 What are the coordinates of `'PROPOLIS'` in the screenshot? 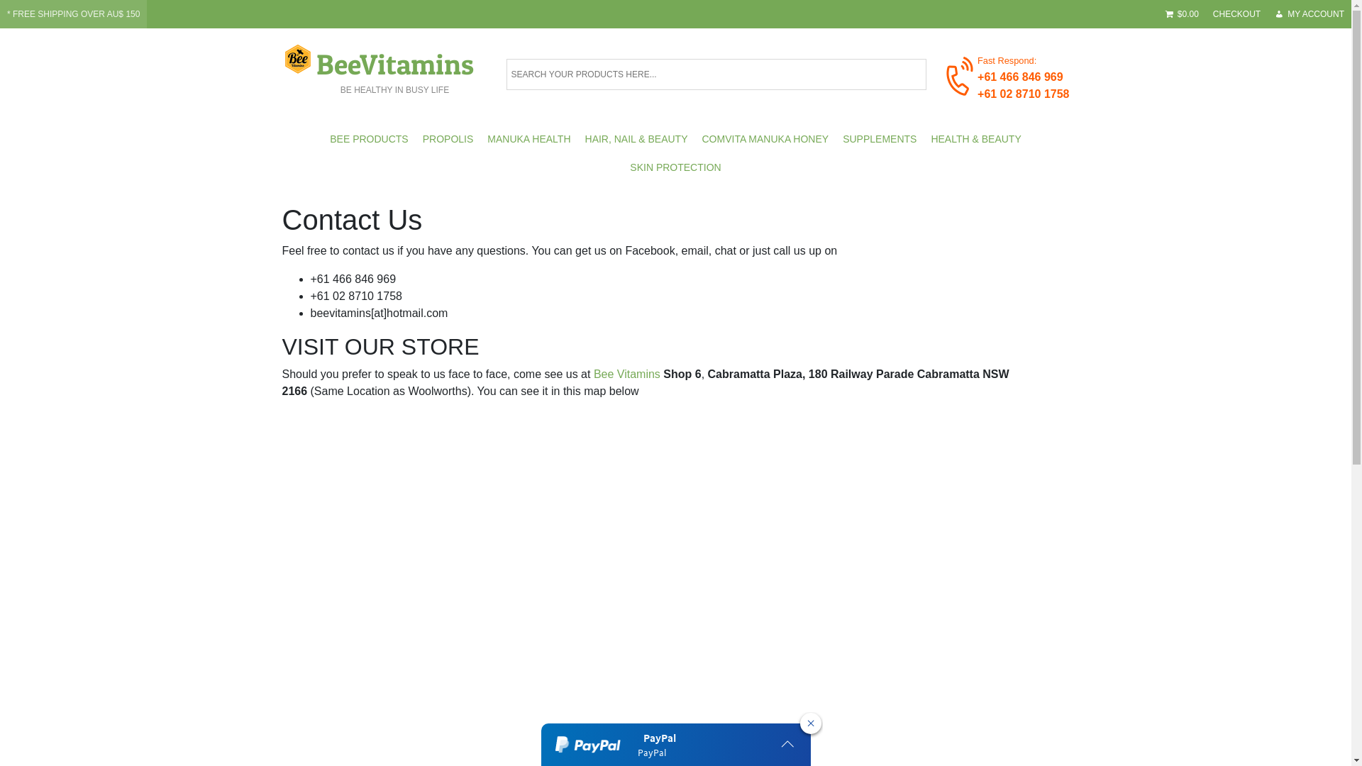 It's located at (414, 139).